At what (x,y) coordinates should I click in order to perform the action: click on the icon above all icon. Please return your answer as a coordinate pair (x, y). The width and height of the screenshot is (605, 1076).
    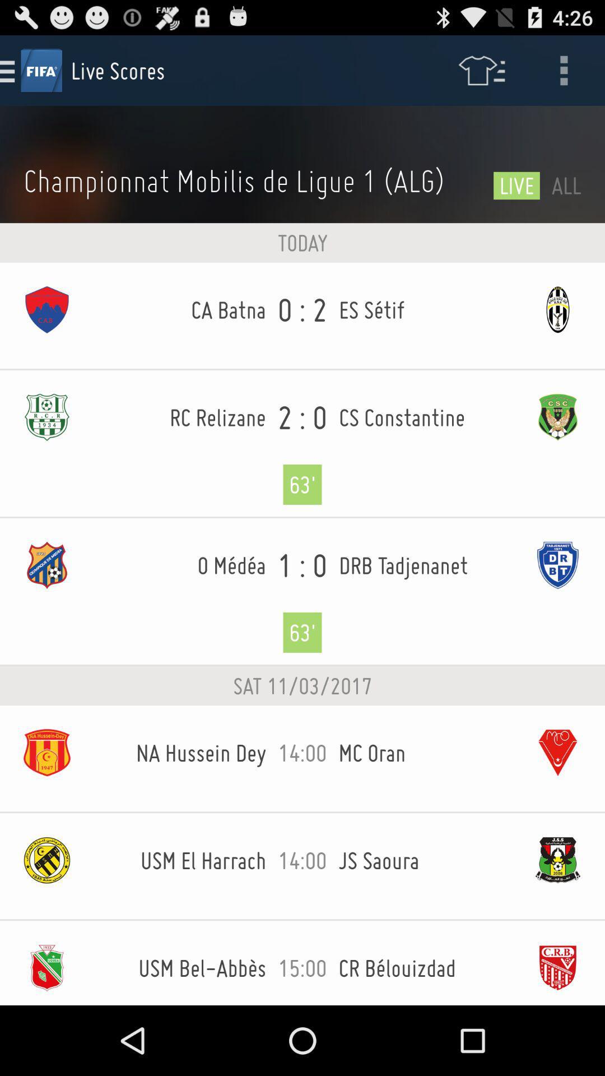
    Looking at the image, I should click on (564, 69).